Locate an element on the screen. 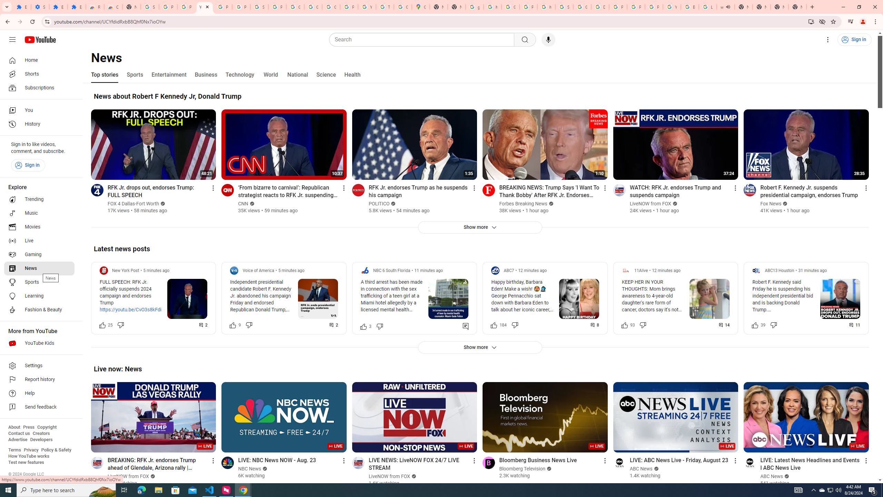  'Creators' is located at coordinates (41, 433).